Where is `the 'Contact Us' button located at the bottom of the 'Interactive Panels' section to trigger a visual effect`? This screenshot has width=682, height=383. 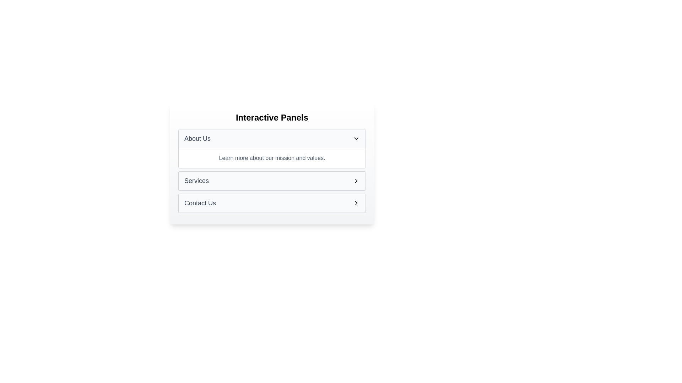 the 'Contact Us' button located at the bottom of the 'Interactive Panels' section to trigger a visual effect is located at coordinates (272, 203).